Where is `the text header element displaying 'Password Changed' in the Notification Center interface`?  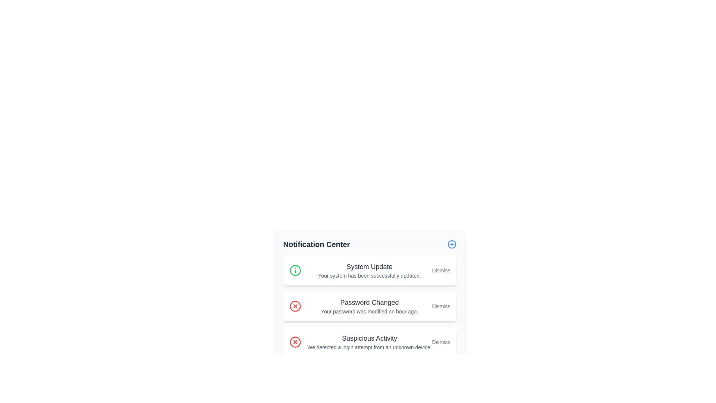 the text header element displaying 'Password Changed' in the Notification Center interface is located at coordinates (369, 302).